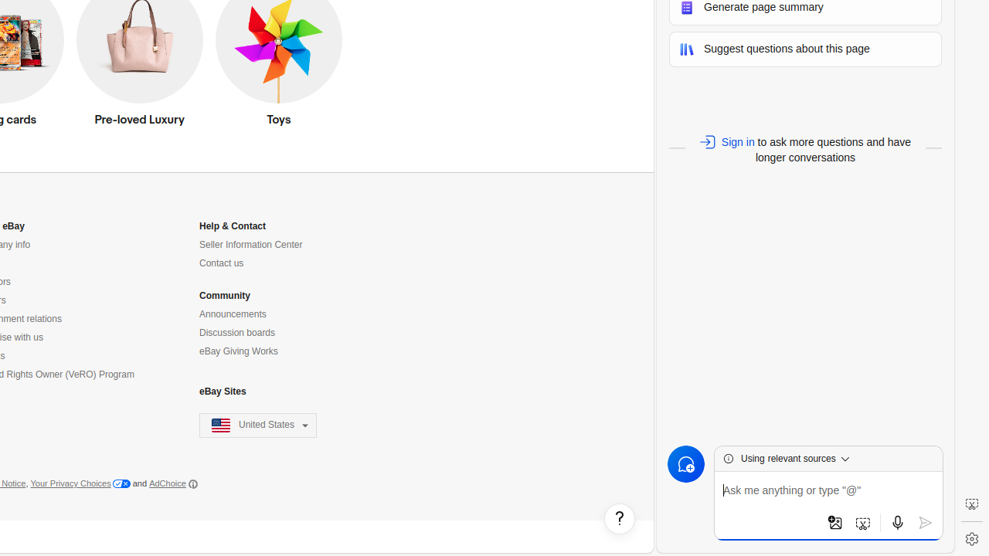 The width and height of the screenshot is (989, 556). What do you see at coordinates (237, 351) in the screenshot?
I see `'eBay Giving Works'` at bounding box center [237, 351].